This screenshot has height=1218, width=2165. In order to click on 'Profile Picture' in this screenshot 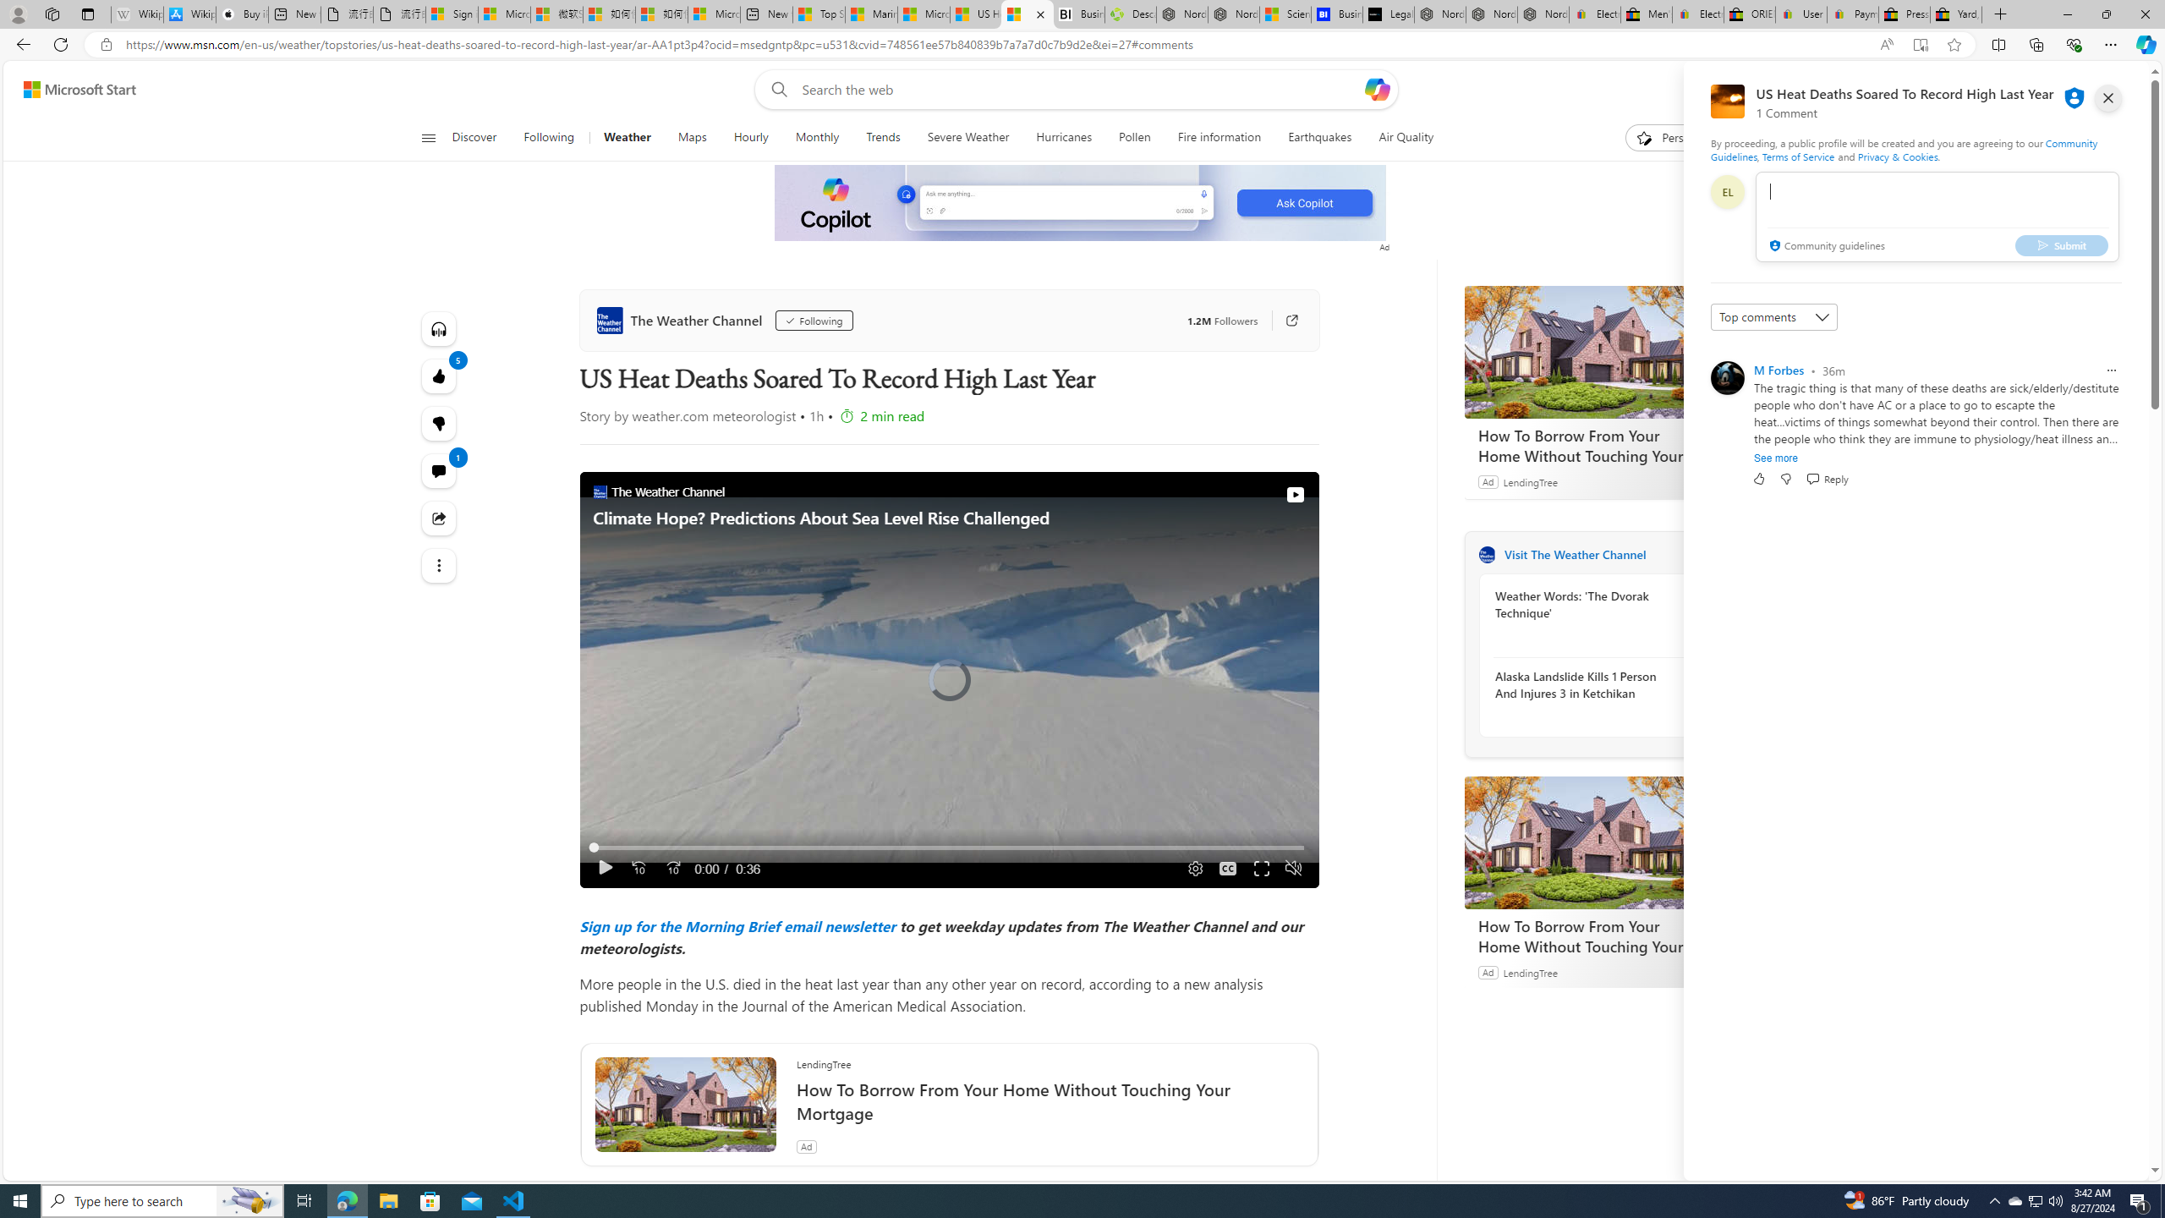, I will do `click(1727, 378)`.